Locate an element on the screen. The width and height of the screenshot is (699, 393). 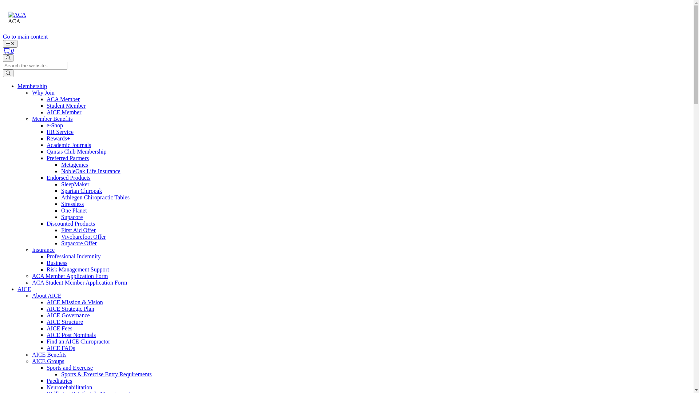
'Toggle menu Toggle menu' is located at coordinates (10, 44).